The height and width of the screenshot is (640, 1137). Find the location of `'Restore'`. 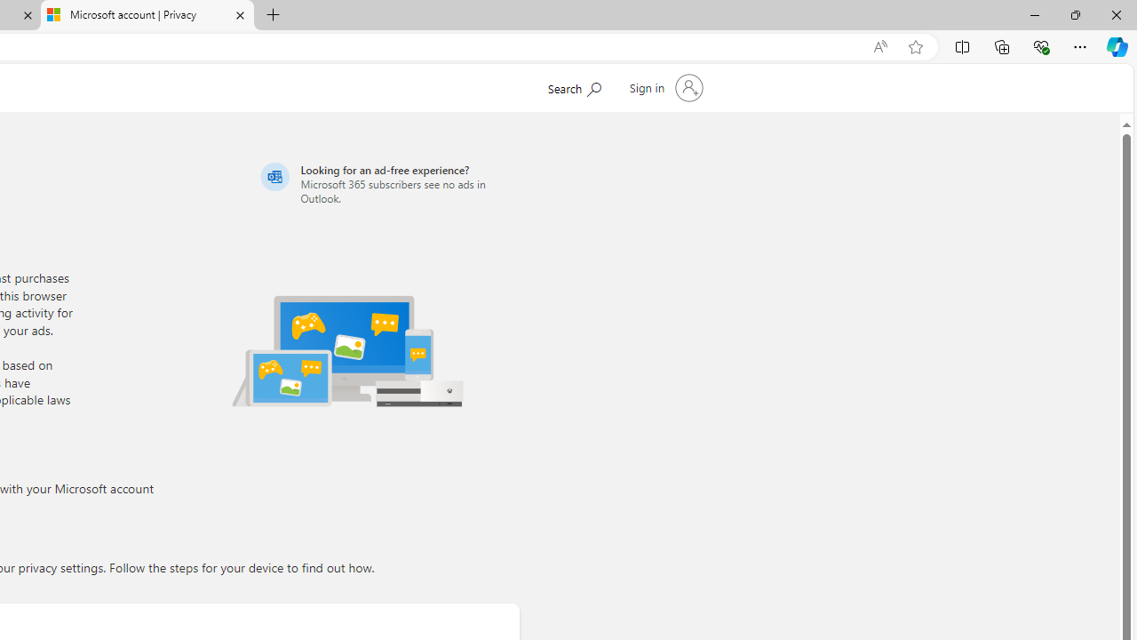

'Restore' is located at coordinates (1074, 14).